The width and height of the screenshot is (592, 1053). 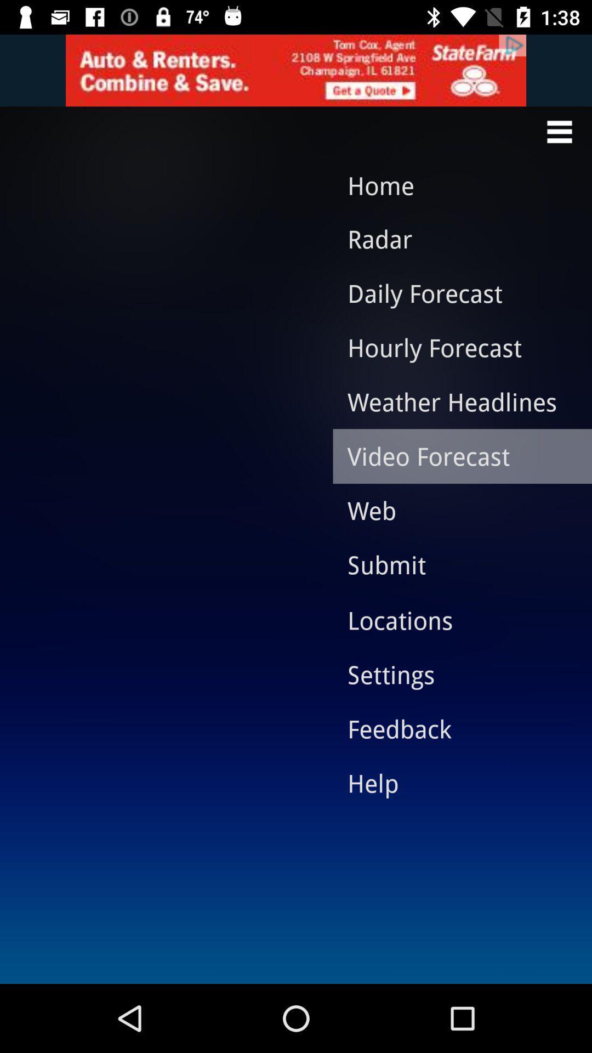 What do you see at coordinates (296, 70) in the screenshot?
I see `click the advertisement` at bounding box center [296, 70].